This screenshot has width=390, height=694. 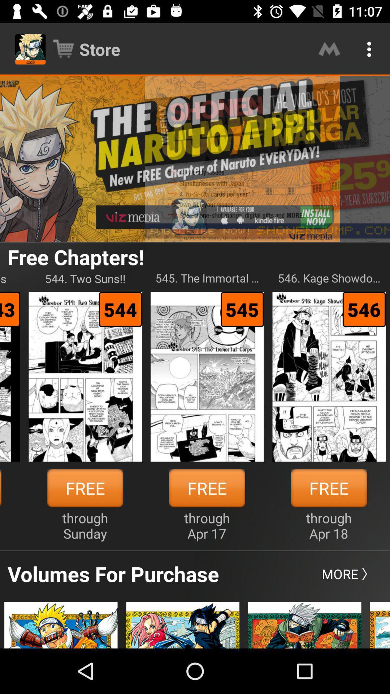 I want to click on volumes for purchase item, so click(x=113, y=573).